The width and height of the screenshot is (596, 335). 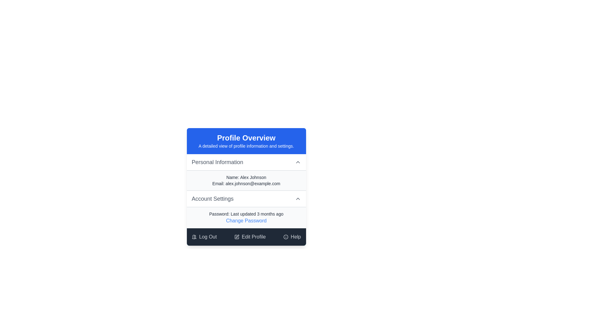 What do you see at coordinates (246, 214) in the screenshot?
I see `the static text label that displays the password's last update time in the 'Account Settings' section of the 'Profile Overview' card, which is the first element before the 'Change Password' link` at bounding box center [246, 214].